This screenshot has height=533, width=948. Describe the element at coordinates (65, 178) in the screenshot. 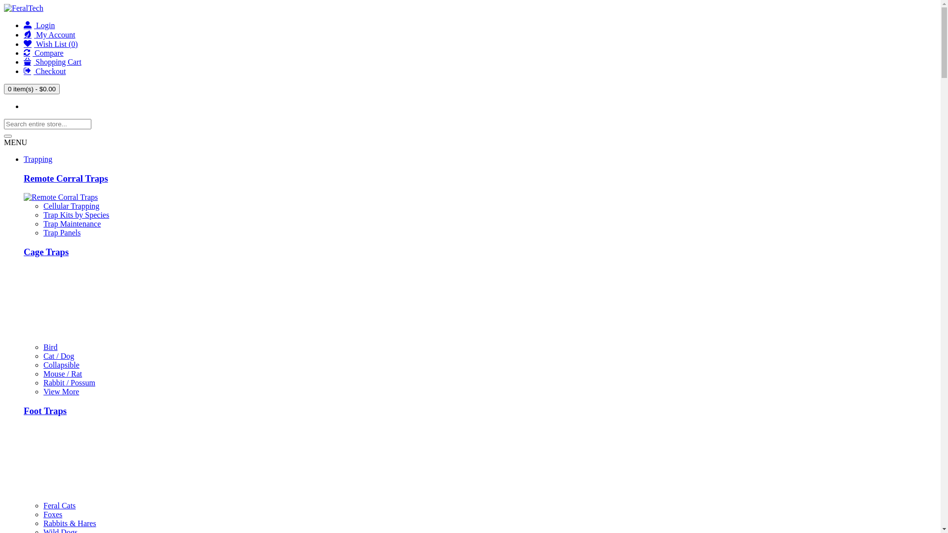

I see `'Remote Corral Traps'` at that location.